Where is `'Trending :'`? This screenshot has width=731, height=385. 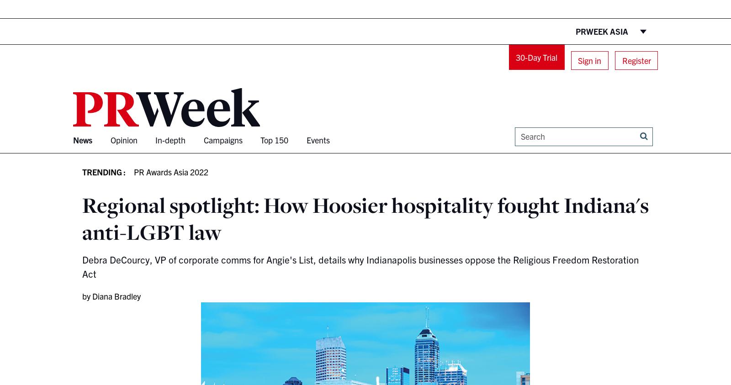 'Trending :' is located at coordinates (104, 171).